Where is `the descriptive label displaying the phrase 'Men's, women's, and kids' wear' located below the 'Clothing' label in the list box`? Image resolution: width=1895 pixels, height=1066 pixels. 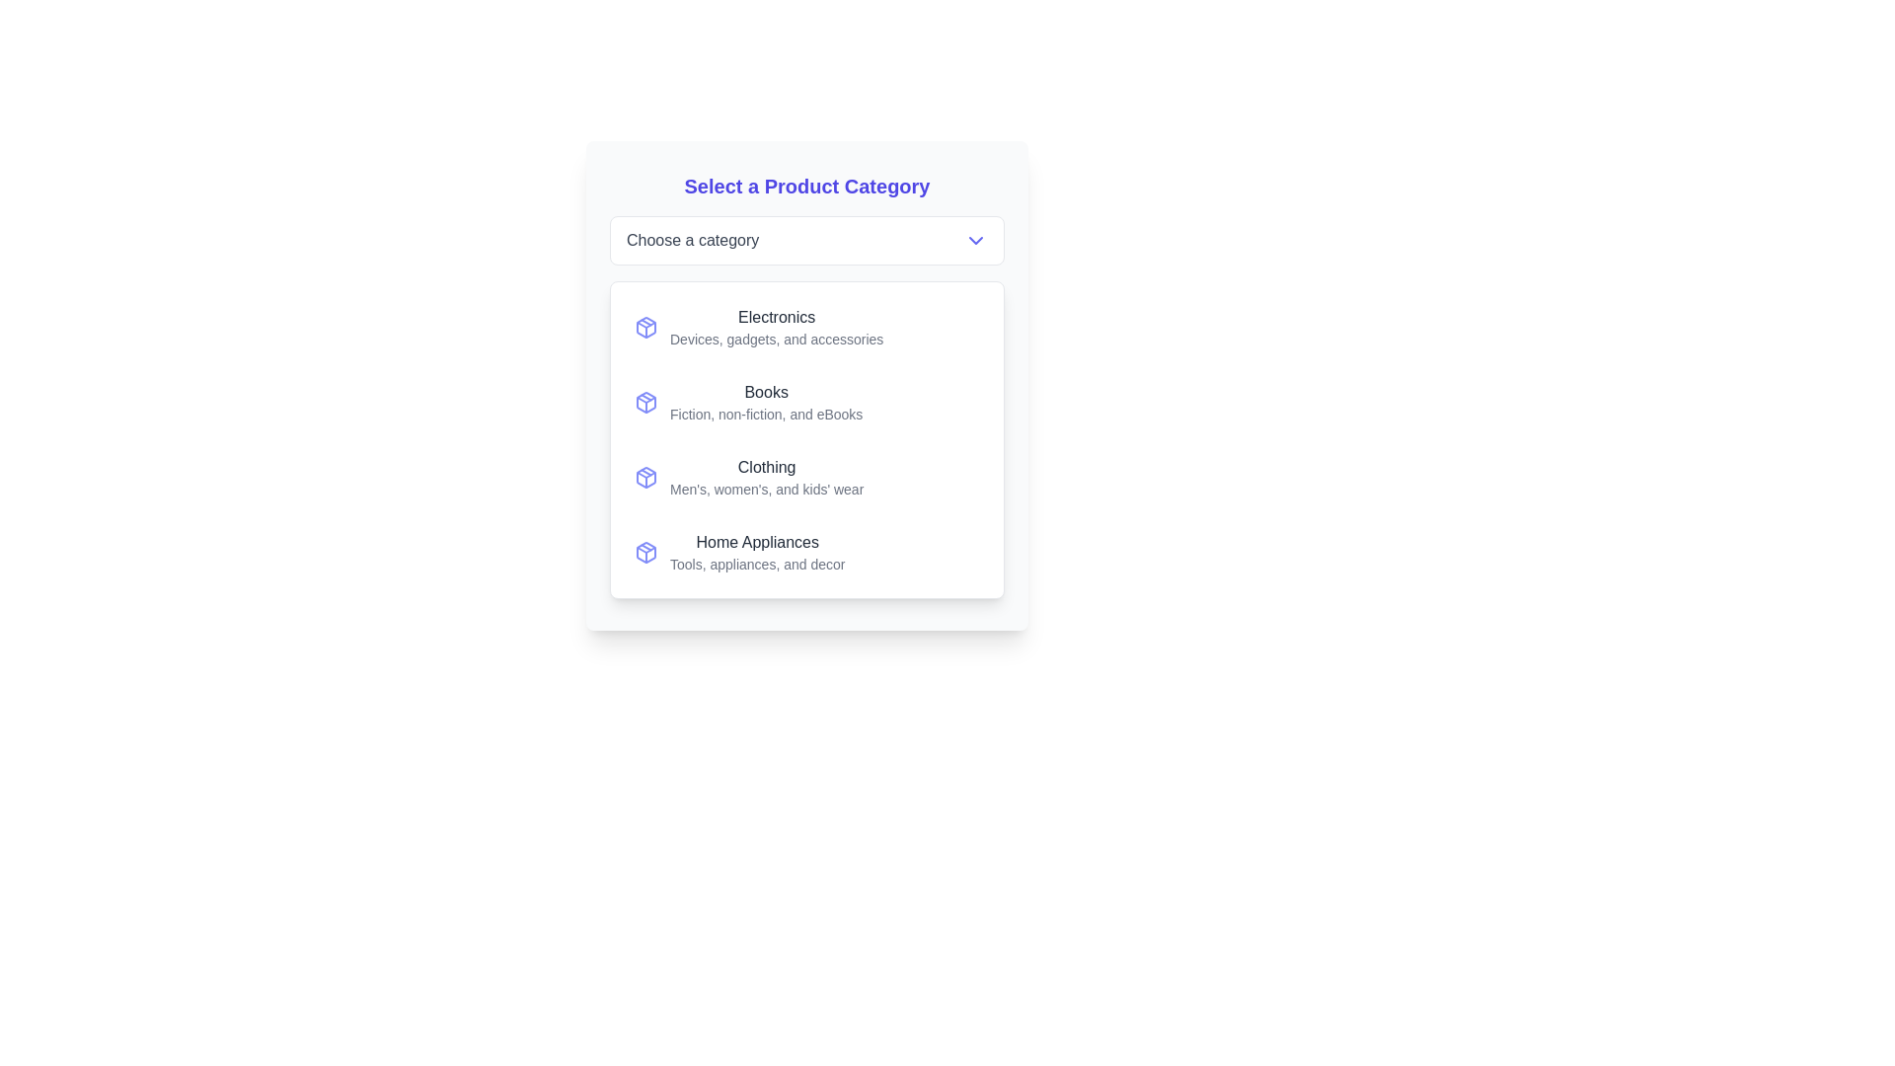 the descriptive label displaying the phrase 'Men's, women's, and kids' wear' located below the 'Clothing' label in the list box is located at coordinates (766, 489).